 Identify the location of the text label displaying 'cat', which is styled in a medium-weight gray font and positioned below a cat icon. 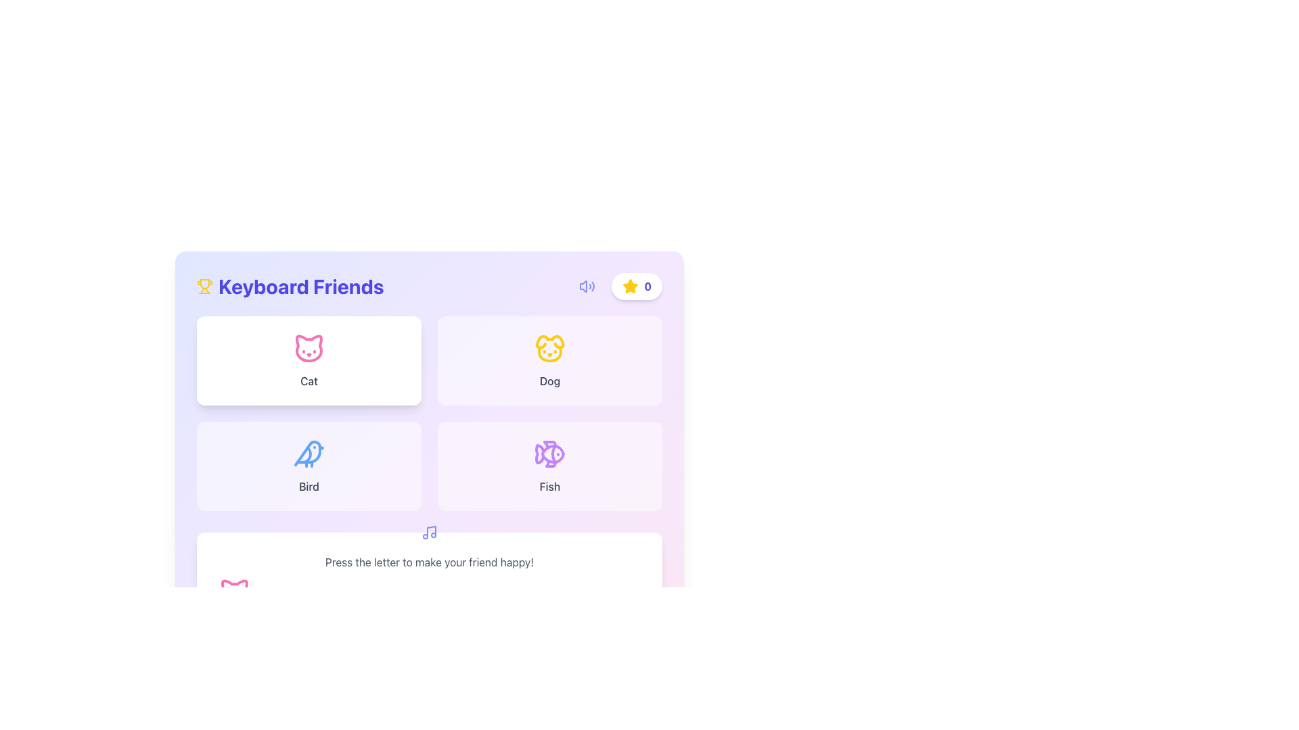
(308, 381).